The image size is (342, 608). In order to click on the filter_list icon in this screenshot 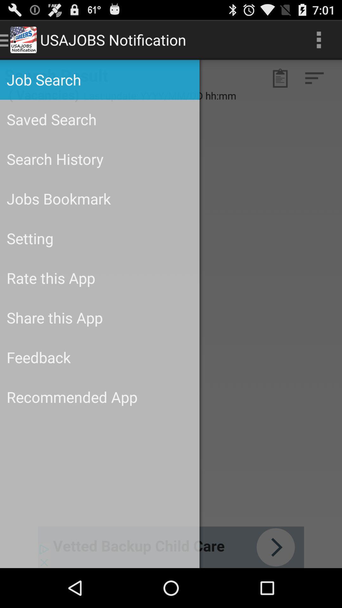, I will do `click(314, 79)`.